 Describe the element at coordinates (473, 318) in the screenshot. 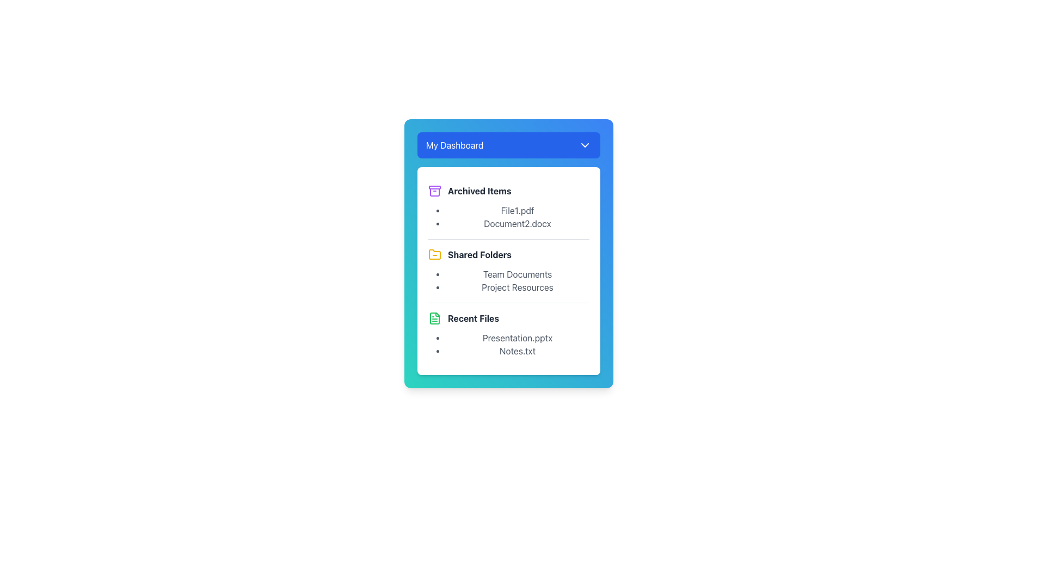

I see `the Text Label that identifies the section listing recently accessed files, located below the 'Shared Folders' label and icon` at that location.